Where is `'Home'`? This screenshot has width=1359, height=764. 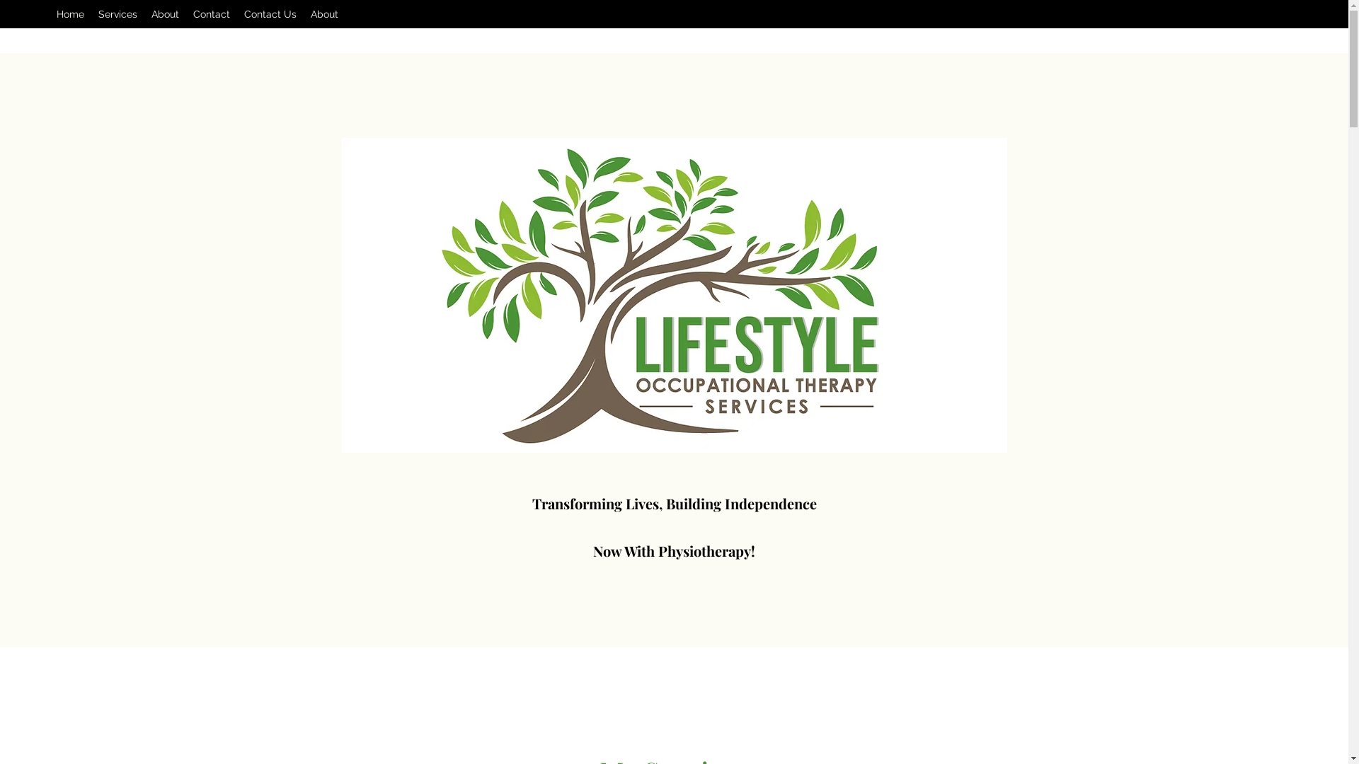 'Home' is located at coordinates (69, 13).